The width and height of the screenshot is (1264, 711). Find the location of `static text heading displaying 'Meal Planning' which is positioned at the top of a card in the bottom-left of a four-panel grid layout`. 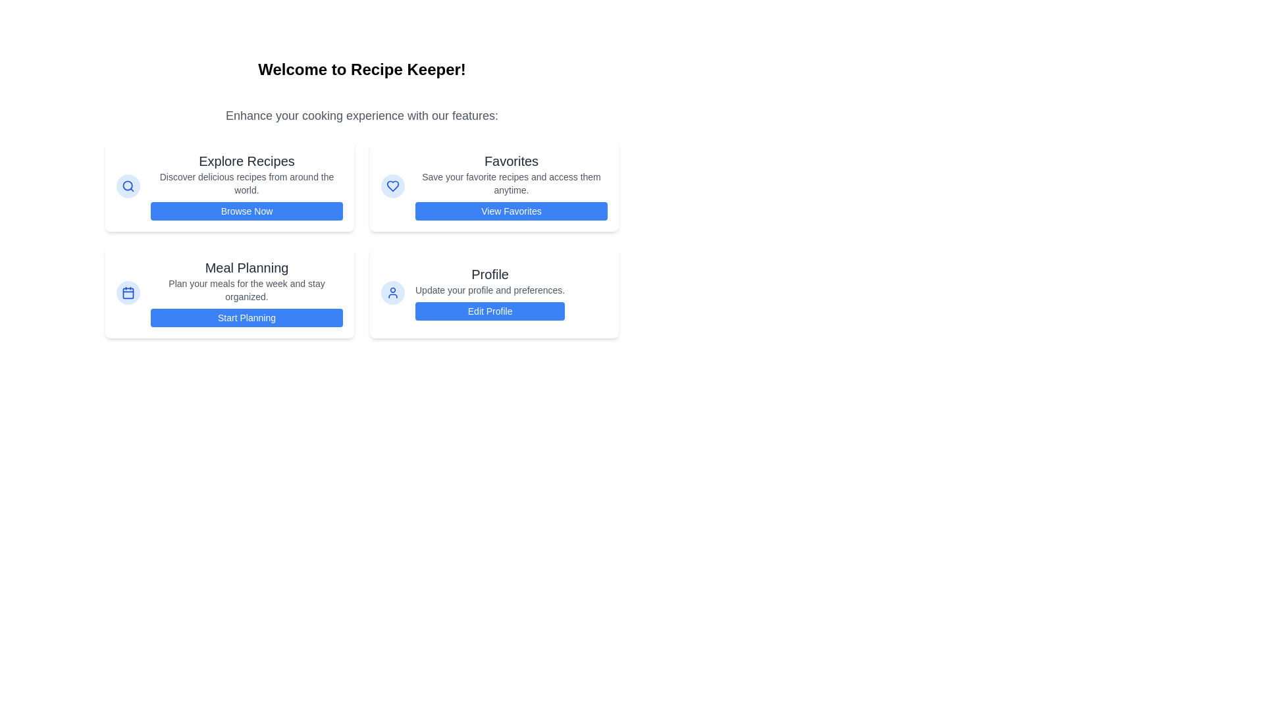

static text heading displaying 'Meal Planning' which is positioned at the top of a card in the bottom-left of a four-panel grid layout is located at coordinates (246, 267).